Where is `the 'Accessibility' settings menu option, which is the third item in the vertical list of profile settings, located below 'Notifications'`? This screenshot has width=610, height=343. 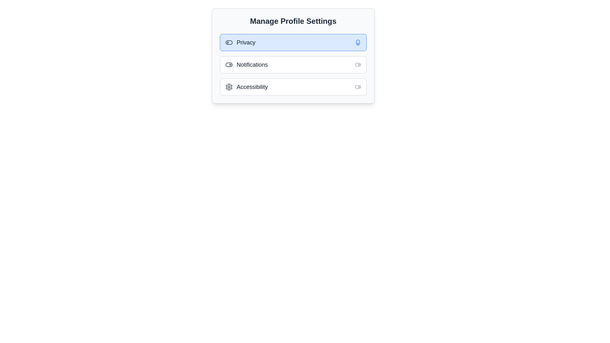 the 'Accessibility' settings menu option, which is the third item in the vertical list of profile settings, located below 'Notifications' is located at coordinates (246, 87).